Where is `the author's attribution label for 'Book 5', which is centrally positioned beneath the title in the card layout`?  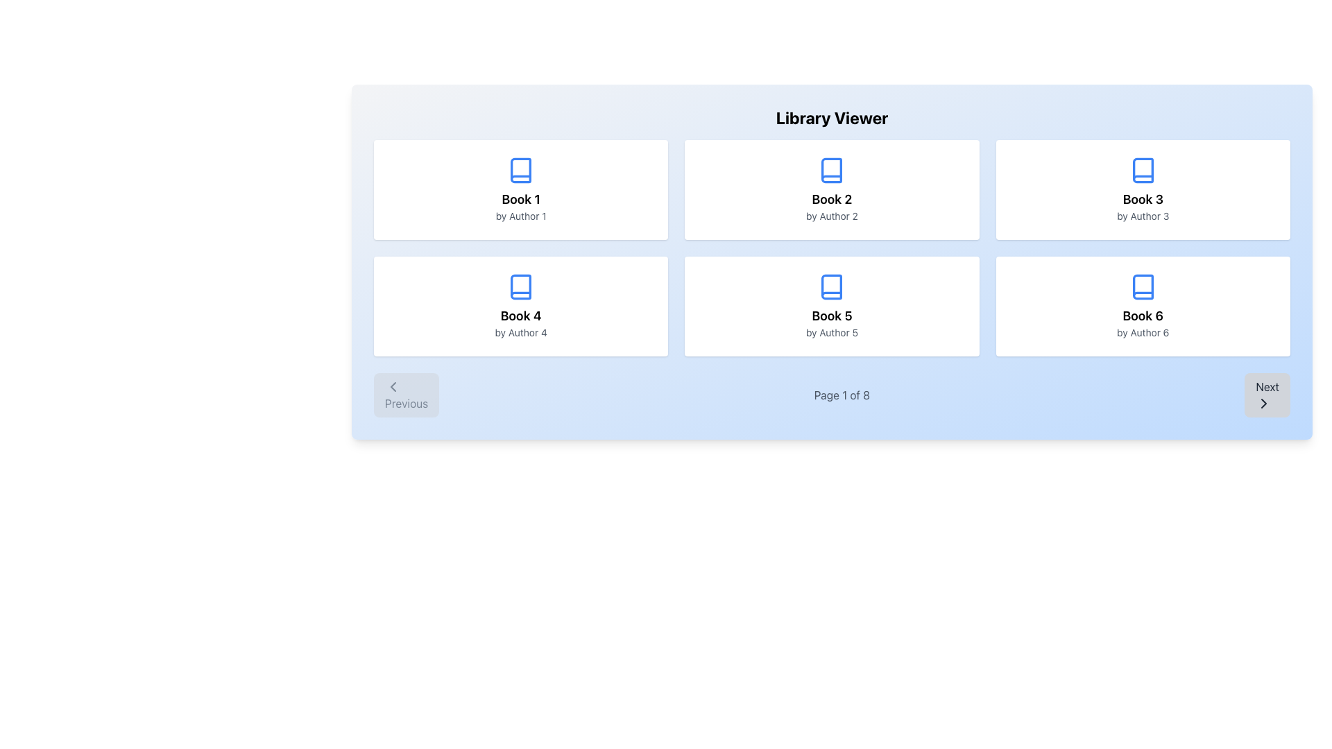 the author's attribution label for 'Book 5', which is centrally positioned beneath the title in the card layout is located at coordinates (832, 332).